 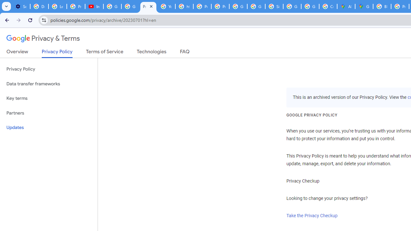 What do you see at coordinates (48, 113) in the screenshot?
I see `'Partners'` at bounding box center [48, 113].